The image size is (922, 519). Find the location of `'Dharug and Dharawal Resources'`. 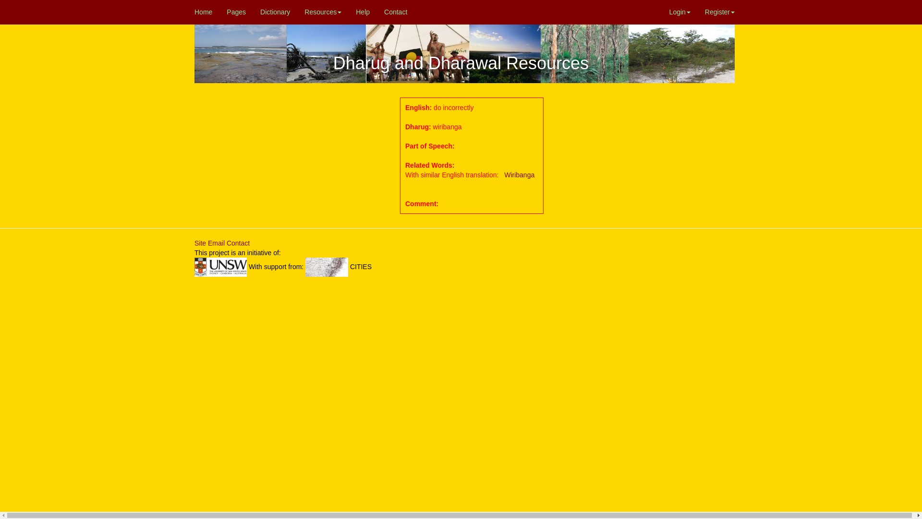

'Dharug and Dharawal Resources' is located at coordinates (333, 63).